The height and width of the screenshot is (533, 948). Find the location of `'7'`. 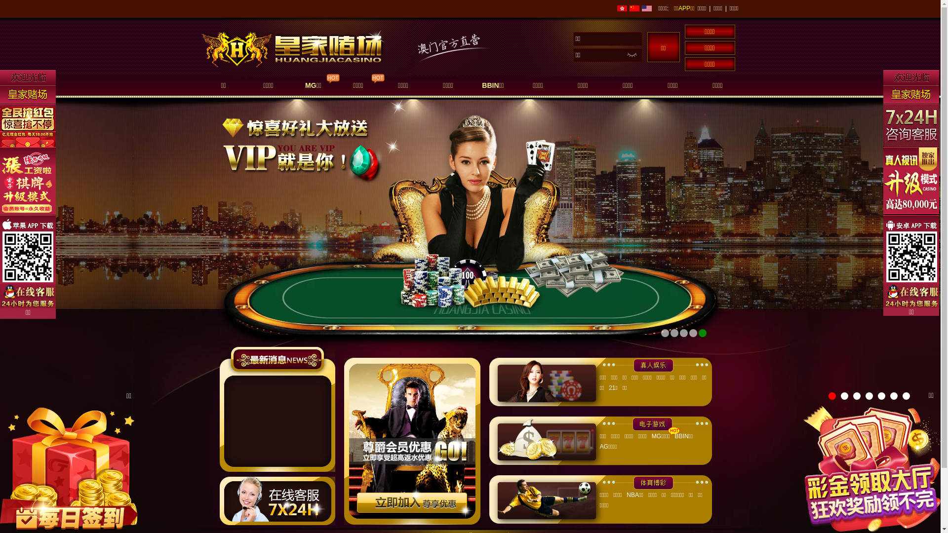

'7' is located at coordinates (903, 395).